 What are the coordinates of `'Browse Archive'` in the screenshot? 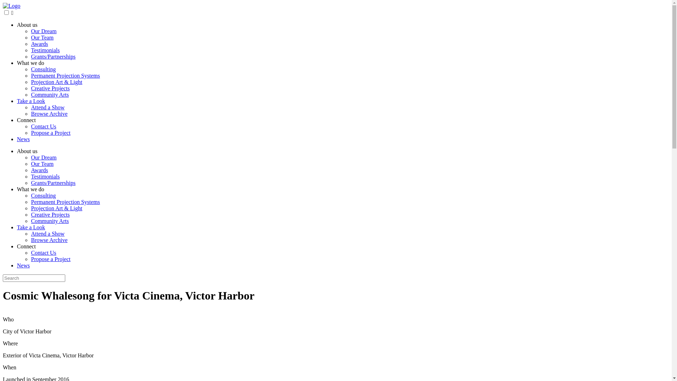 It's located at (49, 240).